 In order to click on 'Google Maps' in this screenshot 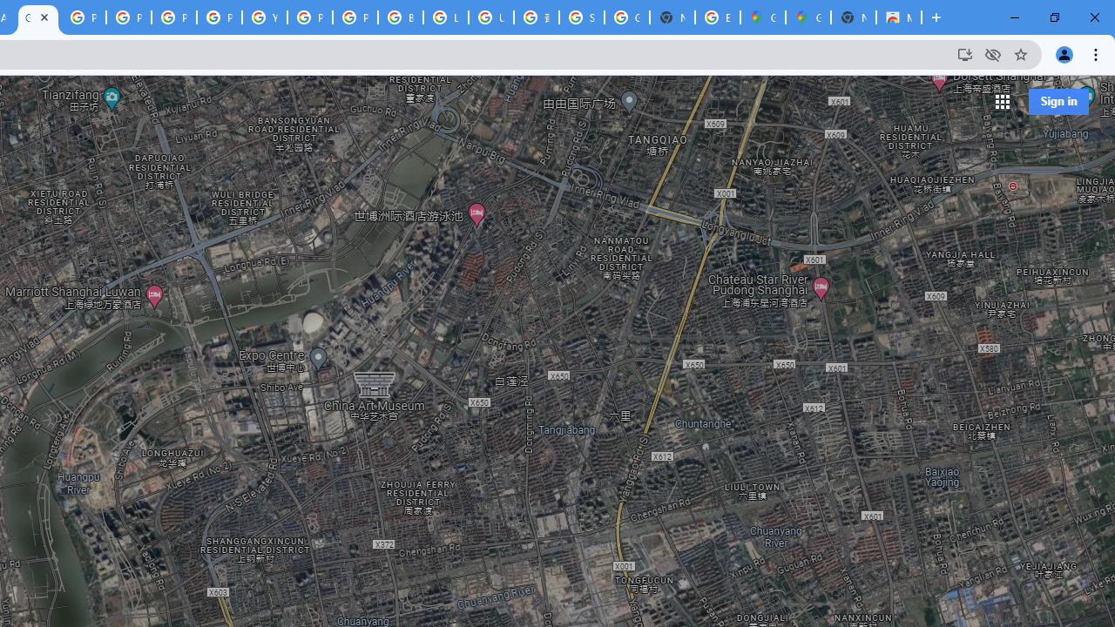, I will do `click(808, 17)`.